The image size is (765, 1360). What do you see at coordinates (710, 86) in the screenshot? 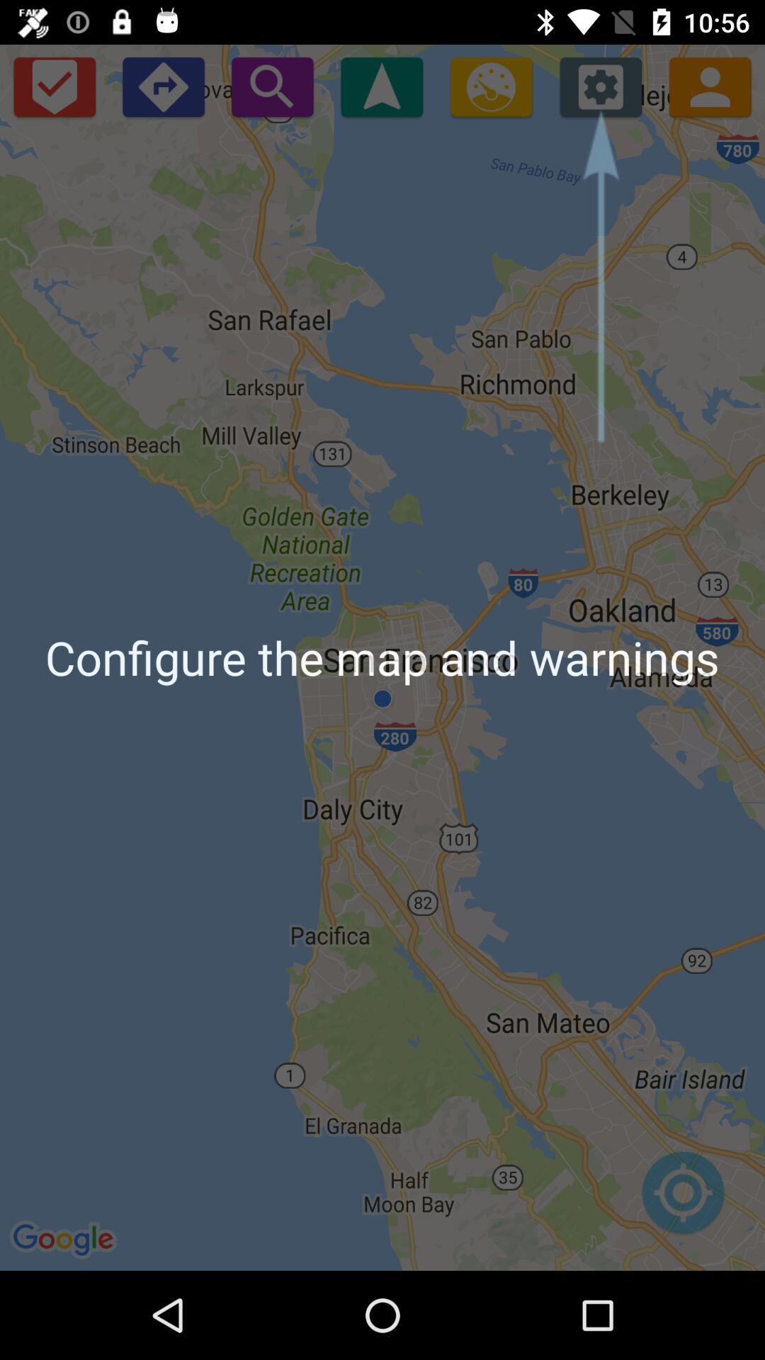
I see `show user profile` at bounding box center [710, 86].